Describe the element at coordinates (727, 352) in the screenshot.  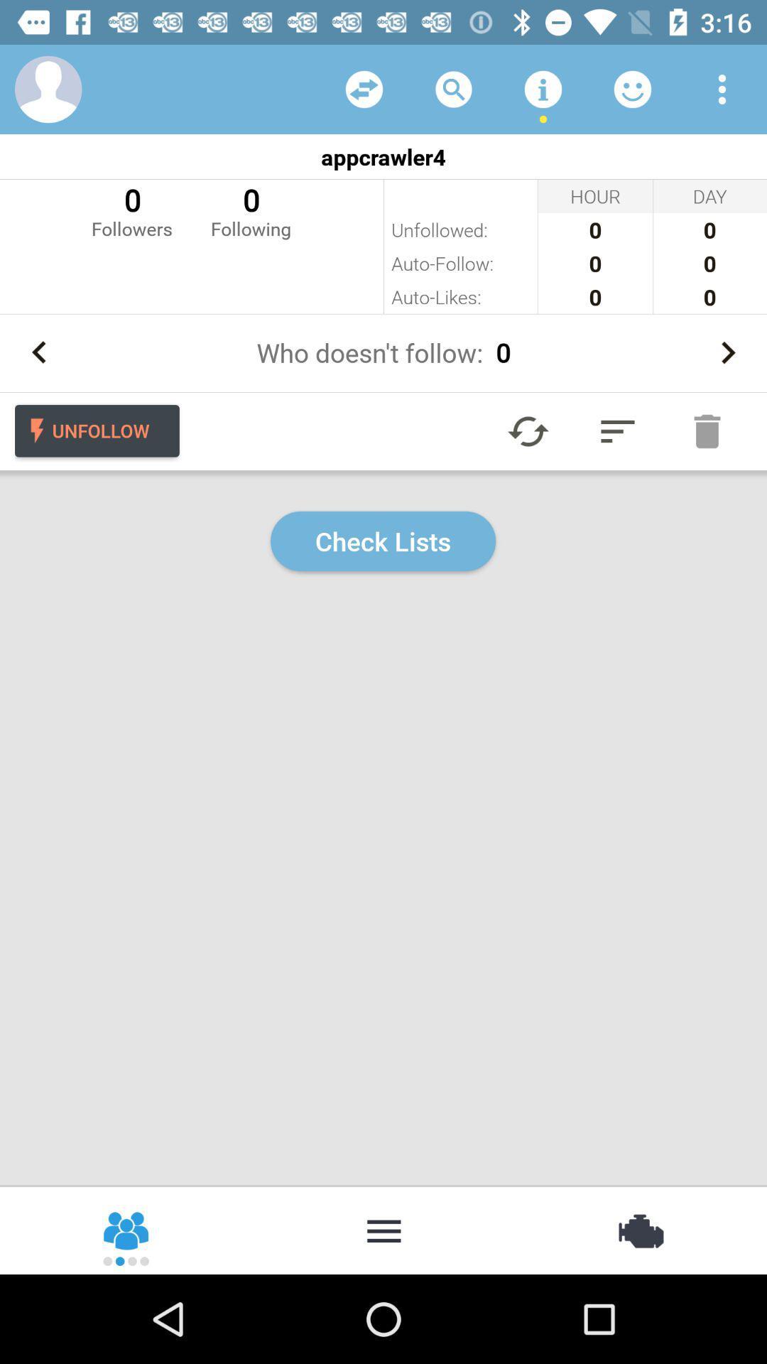
I see `next page` at that location.